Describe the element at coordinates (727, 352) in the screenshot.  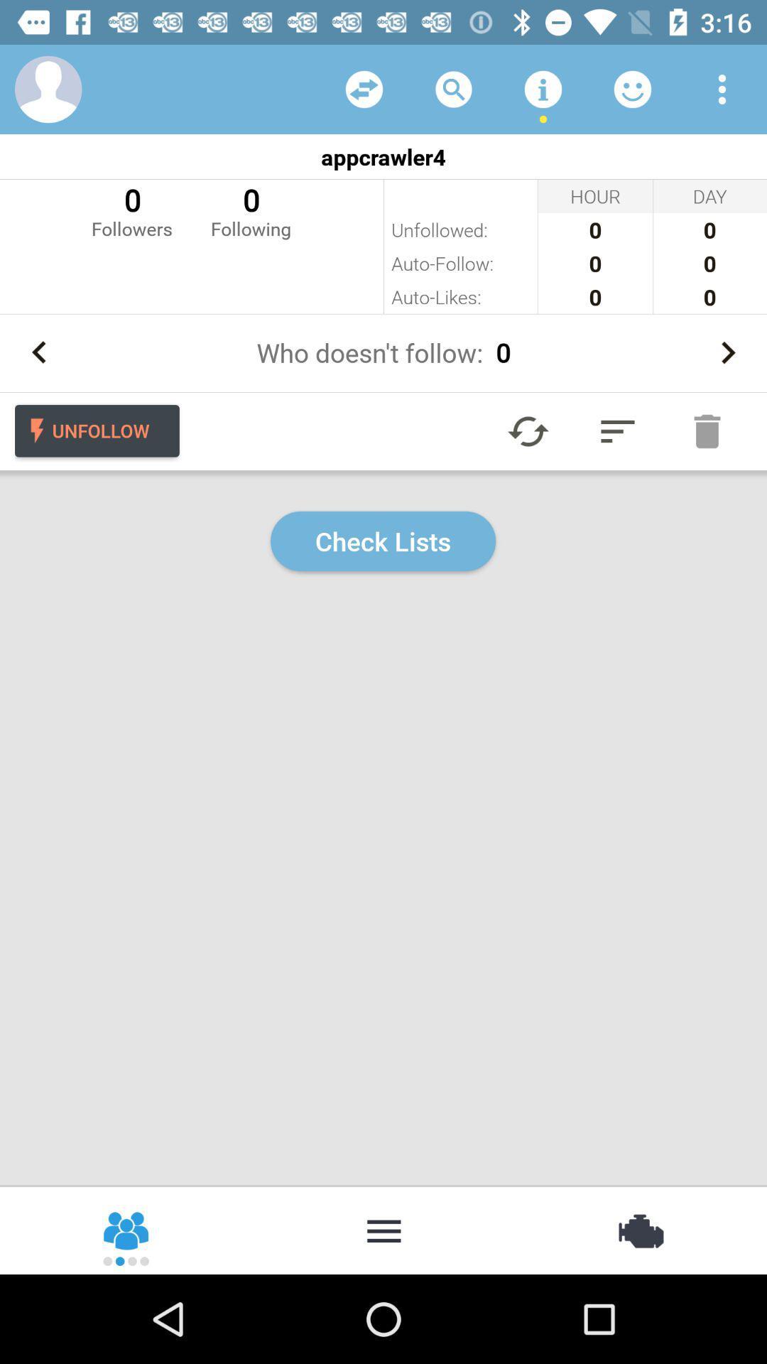
I see `next page` at that location.